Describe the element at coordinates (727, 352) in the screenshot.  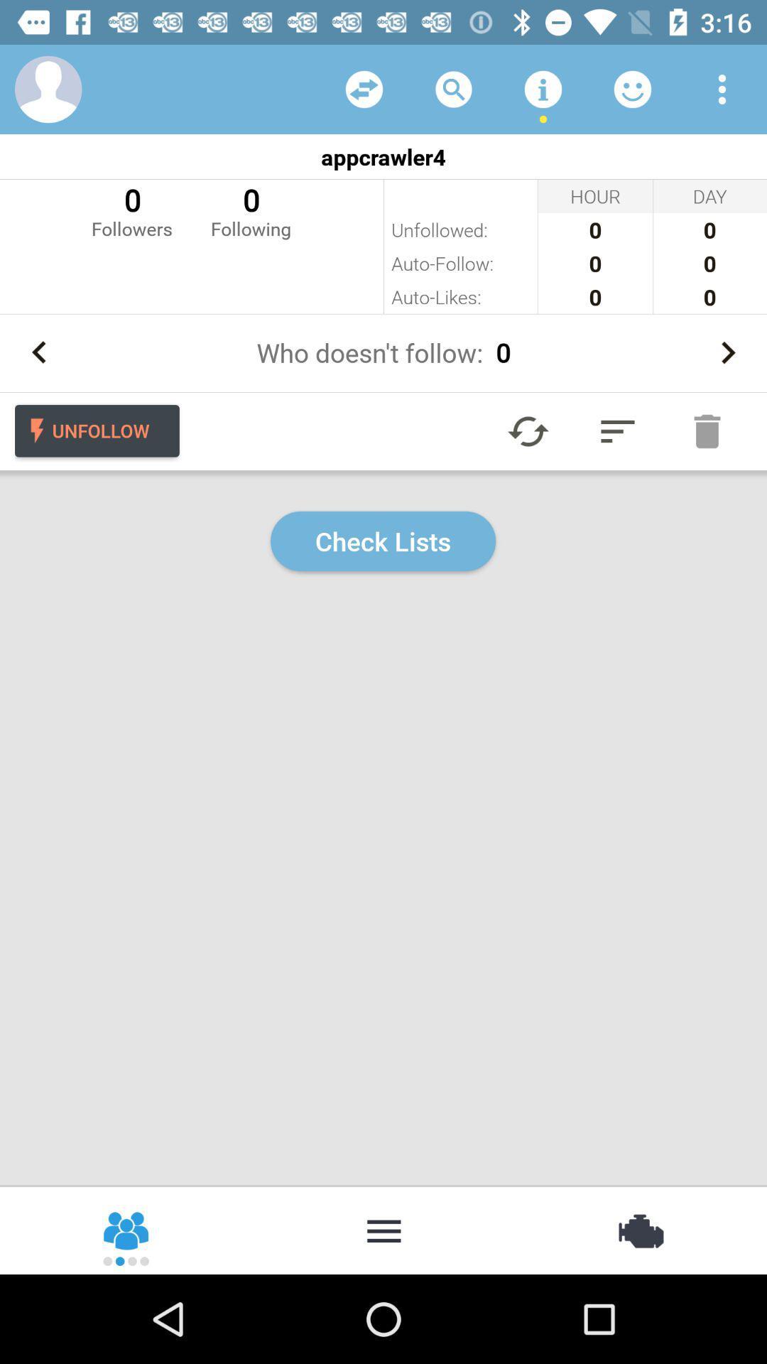
I see `next page` at that location.